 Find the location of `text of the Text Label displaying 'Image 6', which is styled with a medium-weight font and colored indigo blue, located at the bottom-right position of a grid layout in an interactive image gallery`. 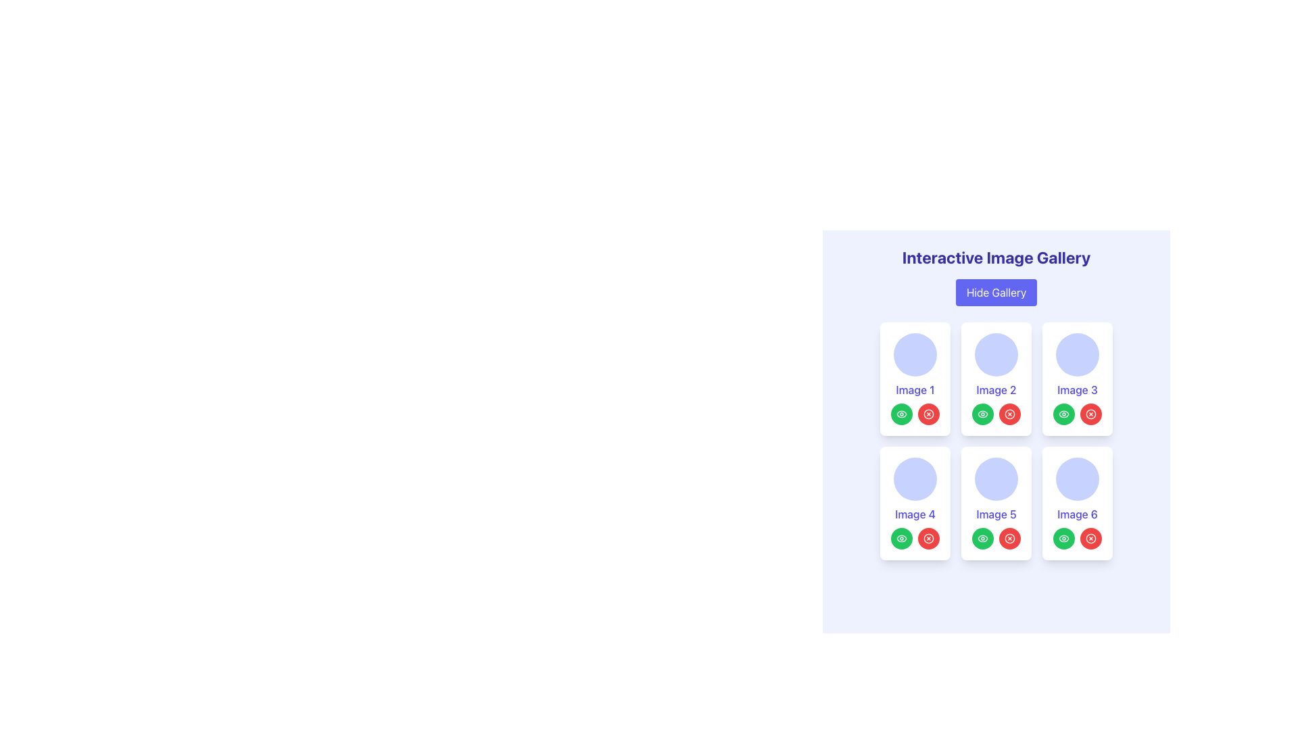

text of the Text Label displaying 'Image 6', which is styled with a medium-weight font and colored indigo blue, located at the bottom-right position of a grid layout in an interactive image gallery is located at coordinates (1076, 514).